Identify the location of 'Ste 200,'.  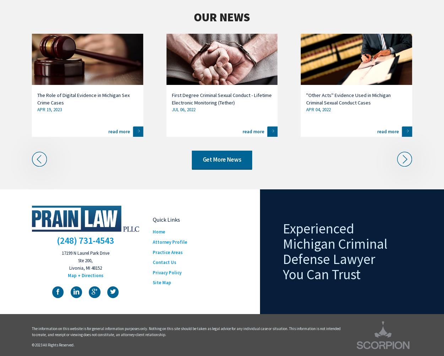
(85, 260).